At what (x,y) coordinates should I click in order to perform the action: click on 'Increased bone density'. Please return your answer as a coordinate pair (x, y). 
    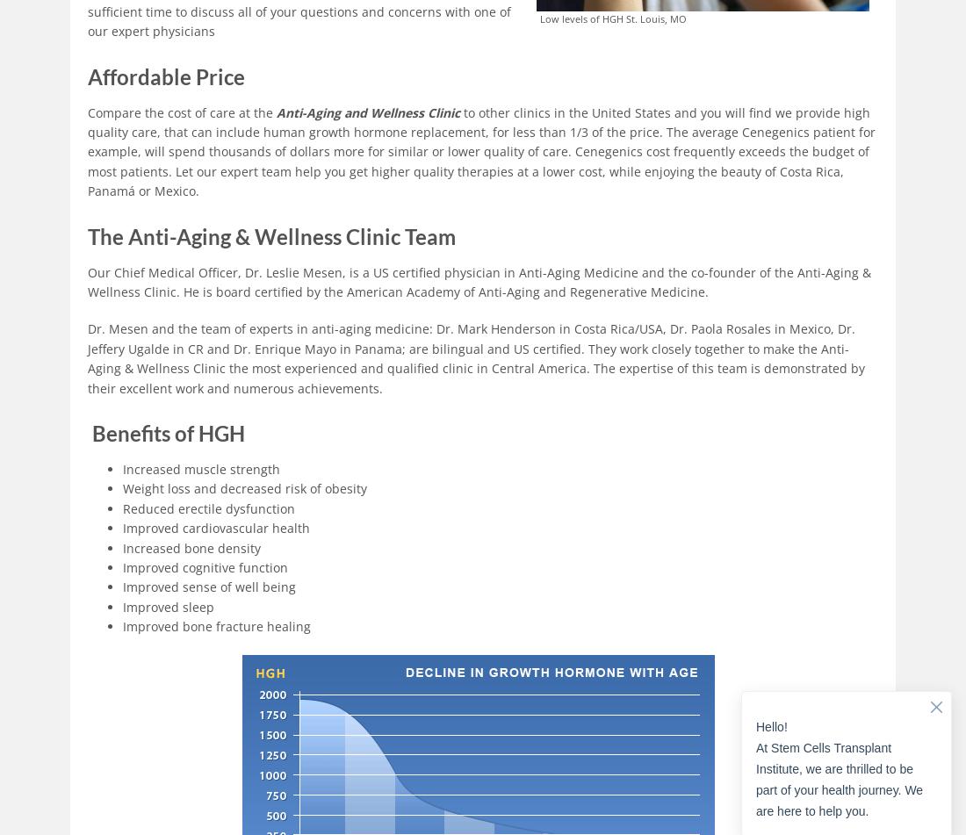
    Looking at the image, I should click on (191, 546).